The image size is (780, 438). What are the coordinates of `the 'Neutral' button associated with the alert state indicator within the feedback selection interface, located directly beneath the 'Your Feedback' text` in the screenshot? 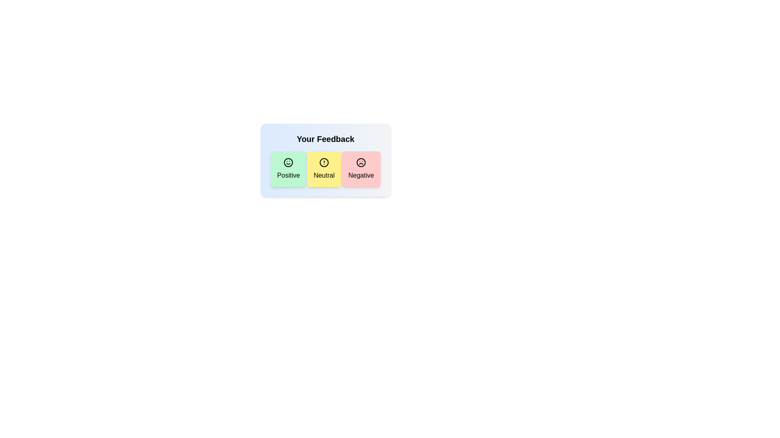 It's located at (323, 163).